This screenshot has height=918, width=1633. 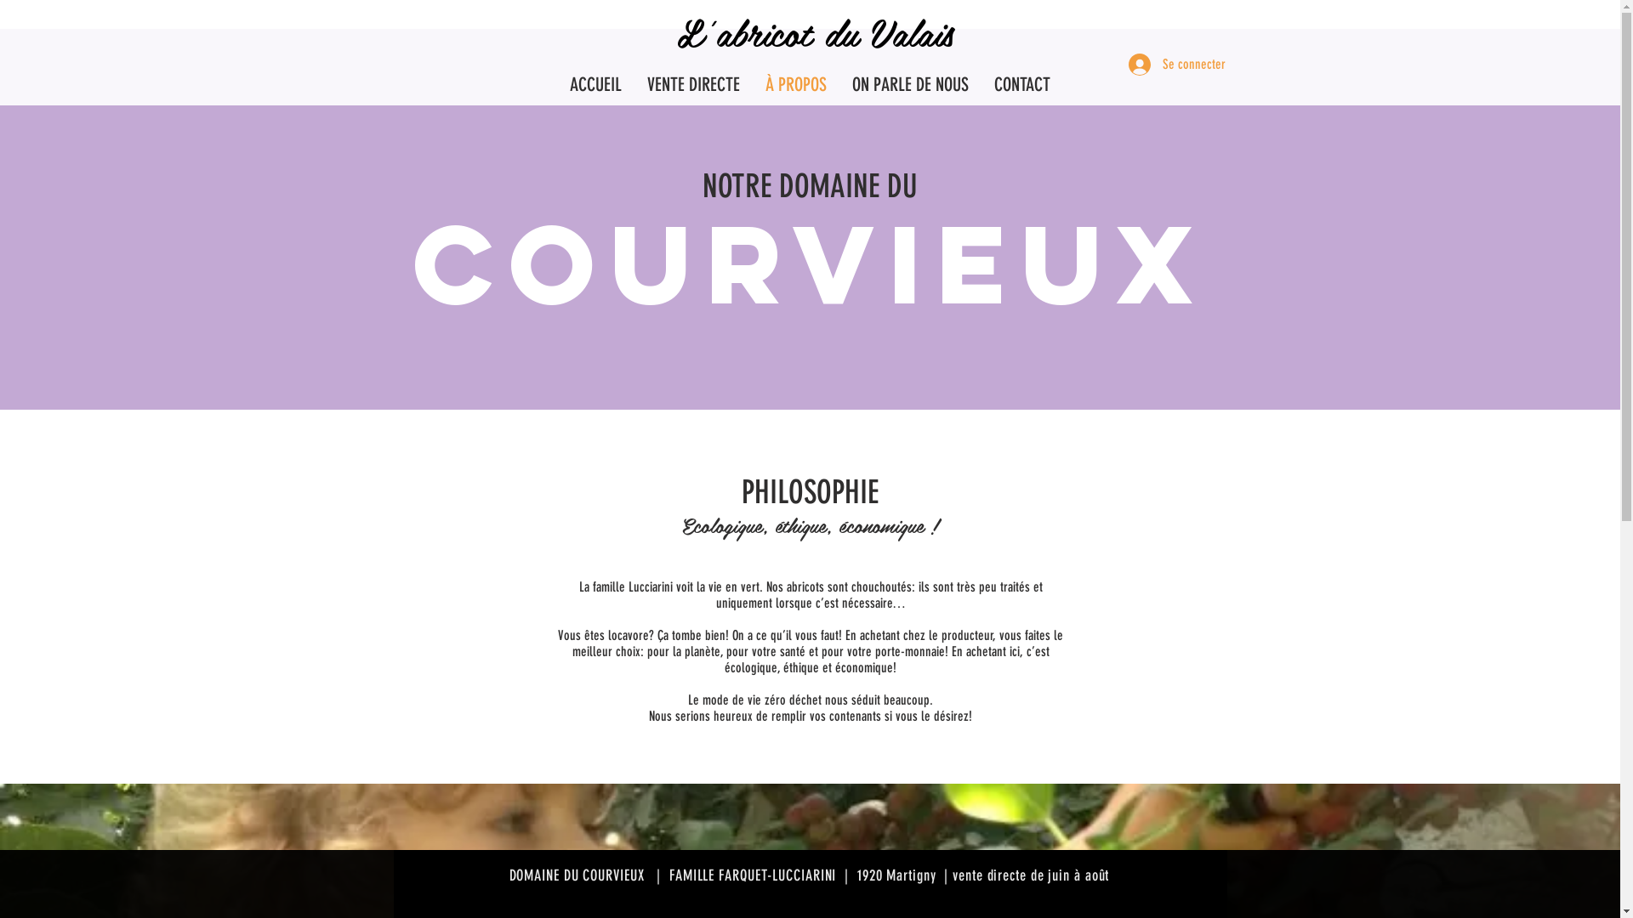 What do you see at coordinates (595, 84) in the screenshot?
I see `'ACCUEIL'` at bounding box center [595, 84].